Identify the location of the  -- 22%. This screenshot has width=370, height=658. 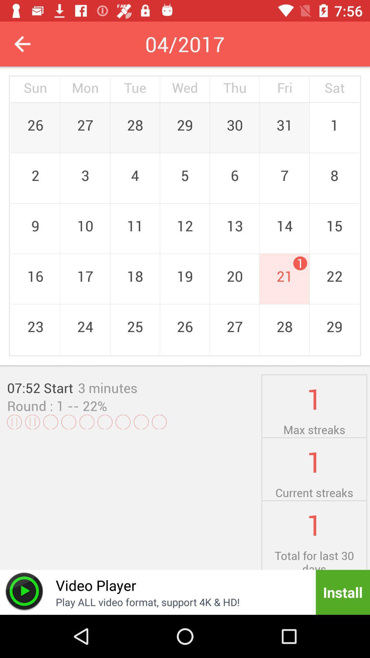
(85, 406).